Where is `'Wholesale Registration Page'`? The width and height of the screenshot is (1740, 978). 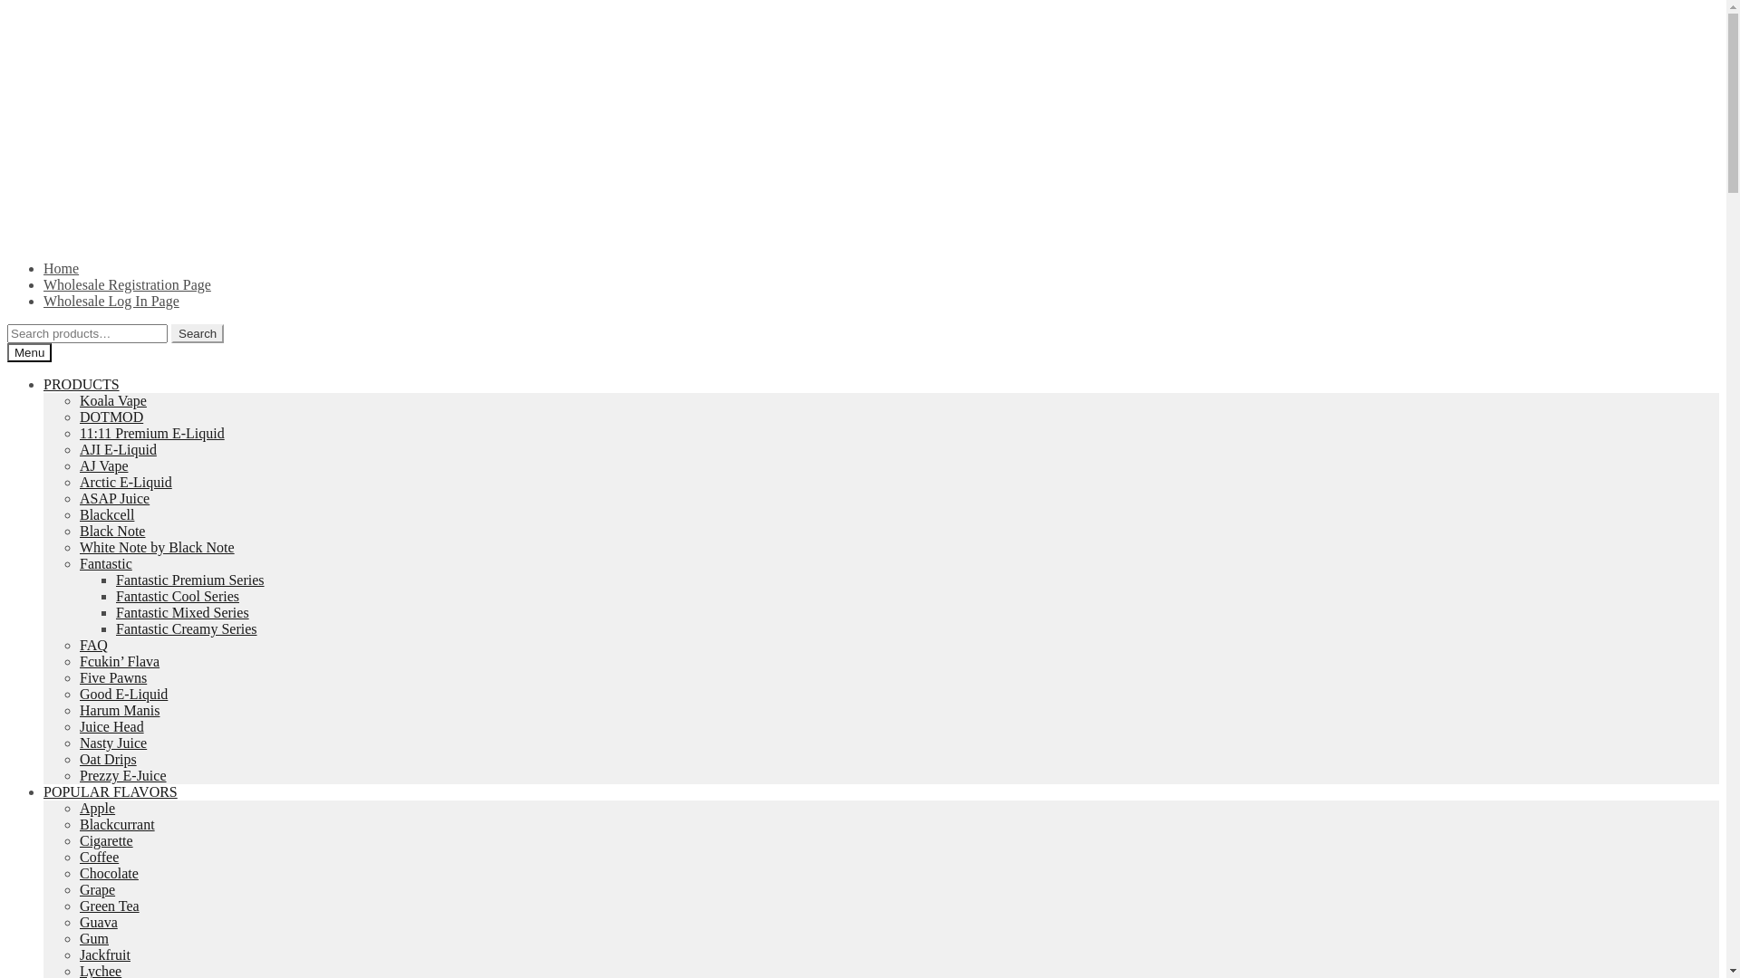
'Wholesale Registration Page' is located at coordinates (126, 284).